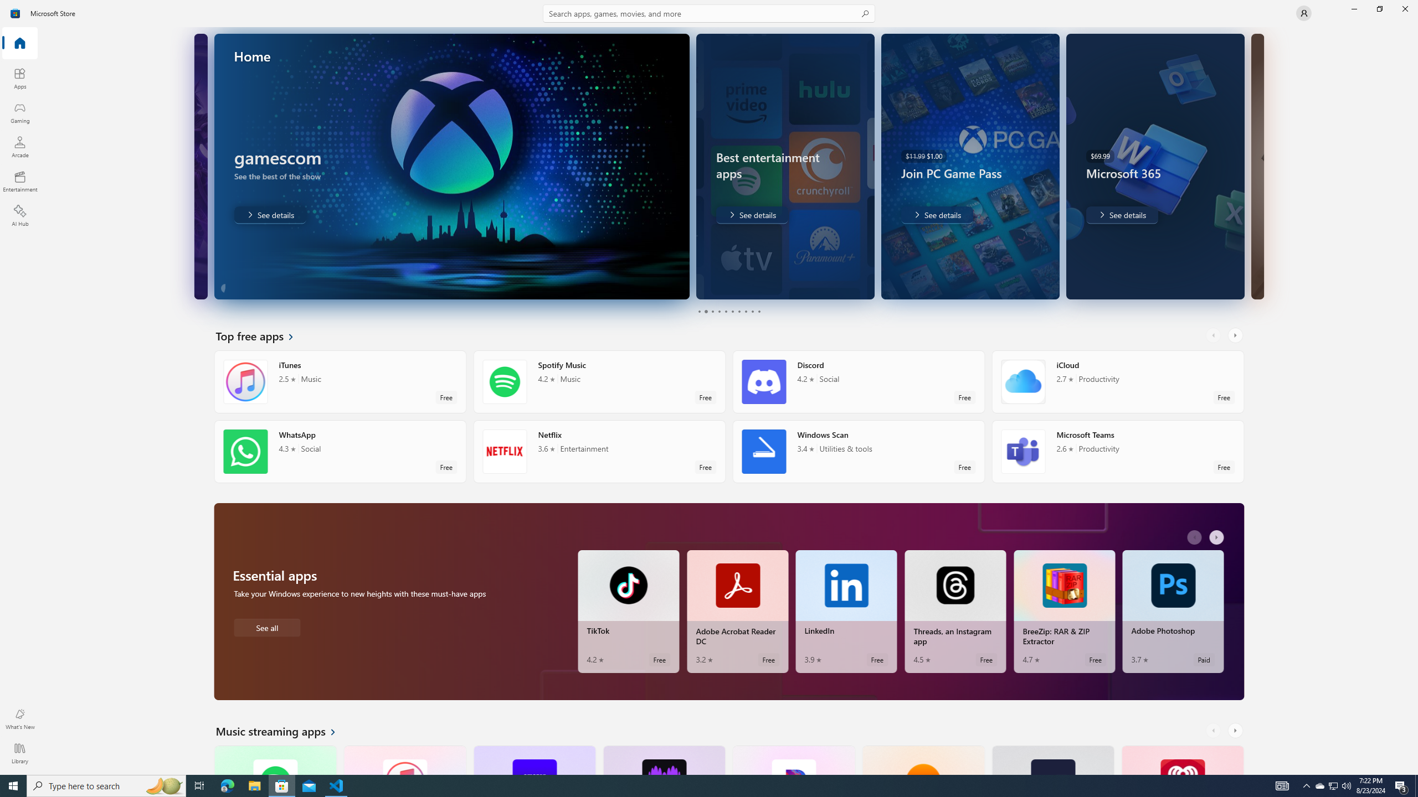 This screenshot has height=797, width=1418. What do you see at coordinates (340, 451) in the screenshot?
I see `'WhatsApp. Average rating of 4.3 out of five stars. Free  '` at bounding box center [340, 451].